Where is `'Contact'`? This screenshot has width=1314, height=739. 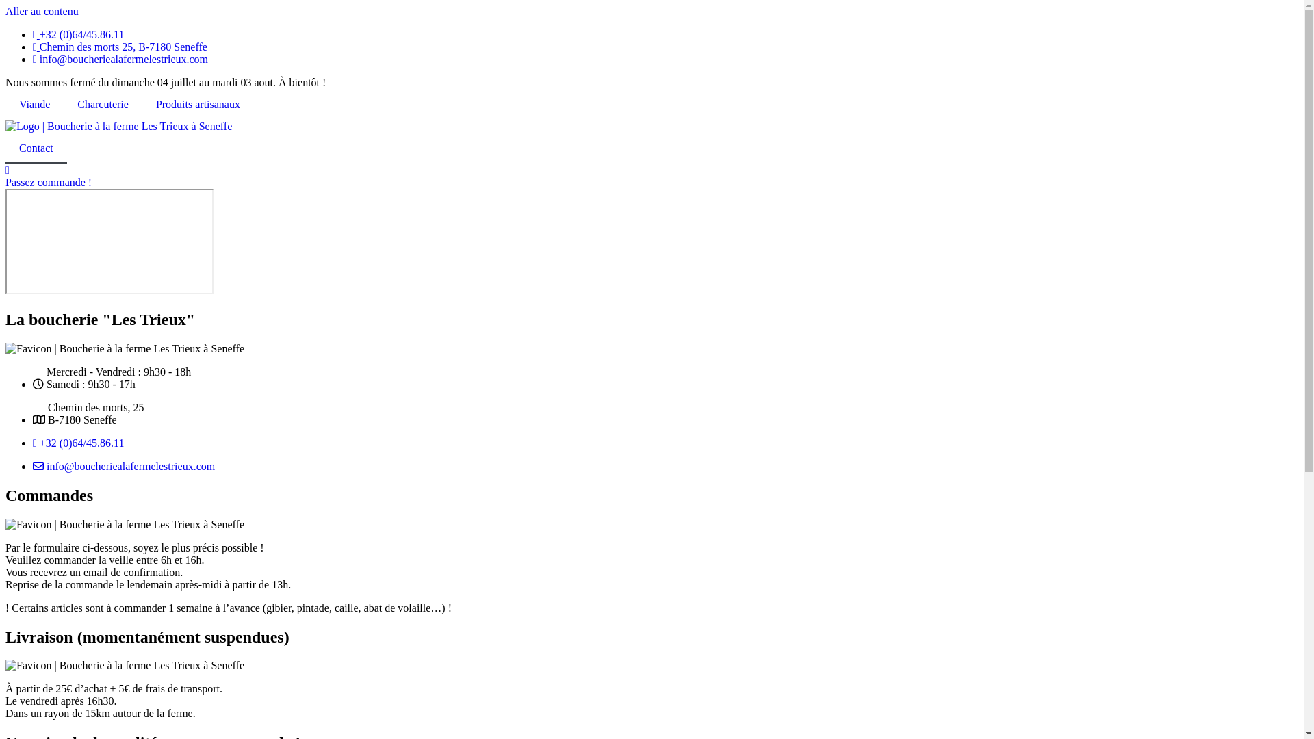
'Contact' is located at coordinates (36, 148).